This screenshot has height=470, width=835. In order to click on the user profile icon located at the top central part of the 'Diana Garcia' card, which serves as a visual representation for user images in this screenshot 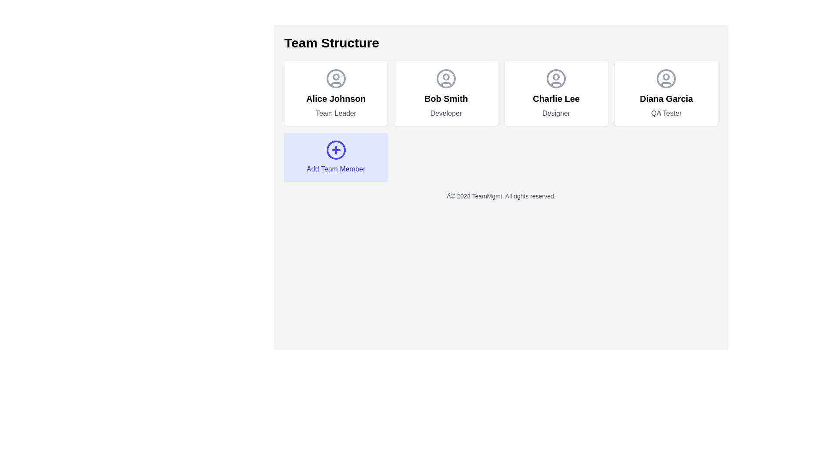, I will do `click(666, 79)`.